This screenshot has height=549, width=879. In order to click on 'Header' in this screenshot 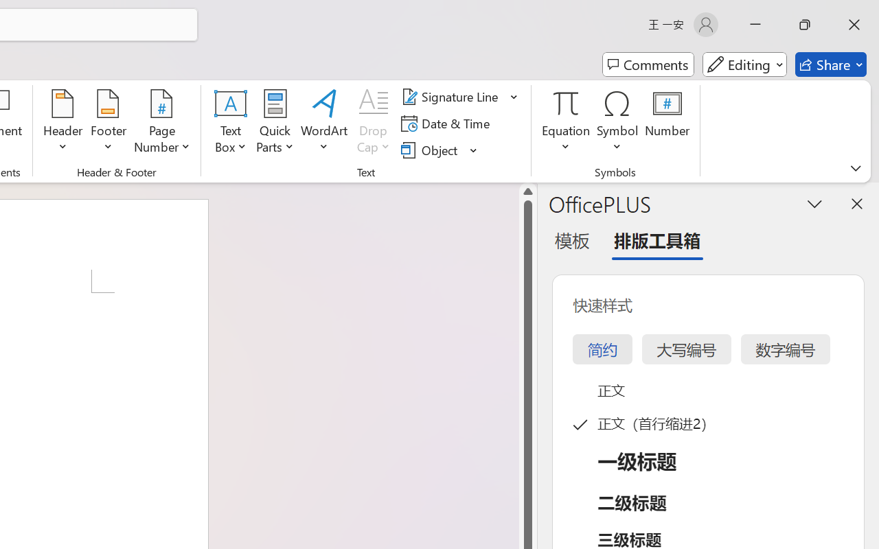, I will do `click(62, 123)`.